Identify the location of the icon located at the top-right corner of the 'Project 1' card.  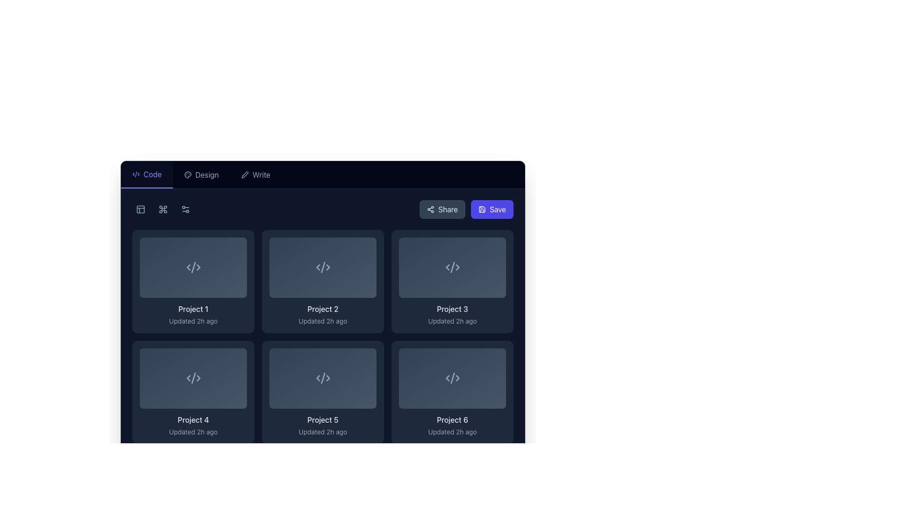
(245, 239).